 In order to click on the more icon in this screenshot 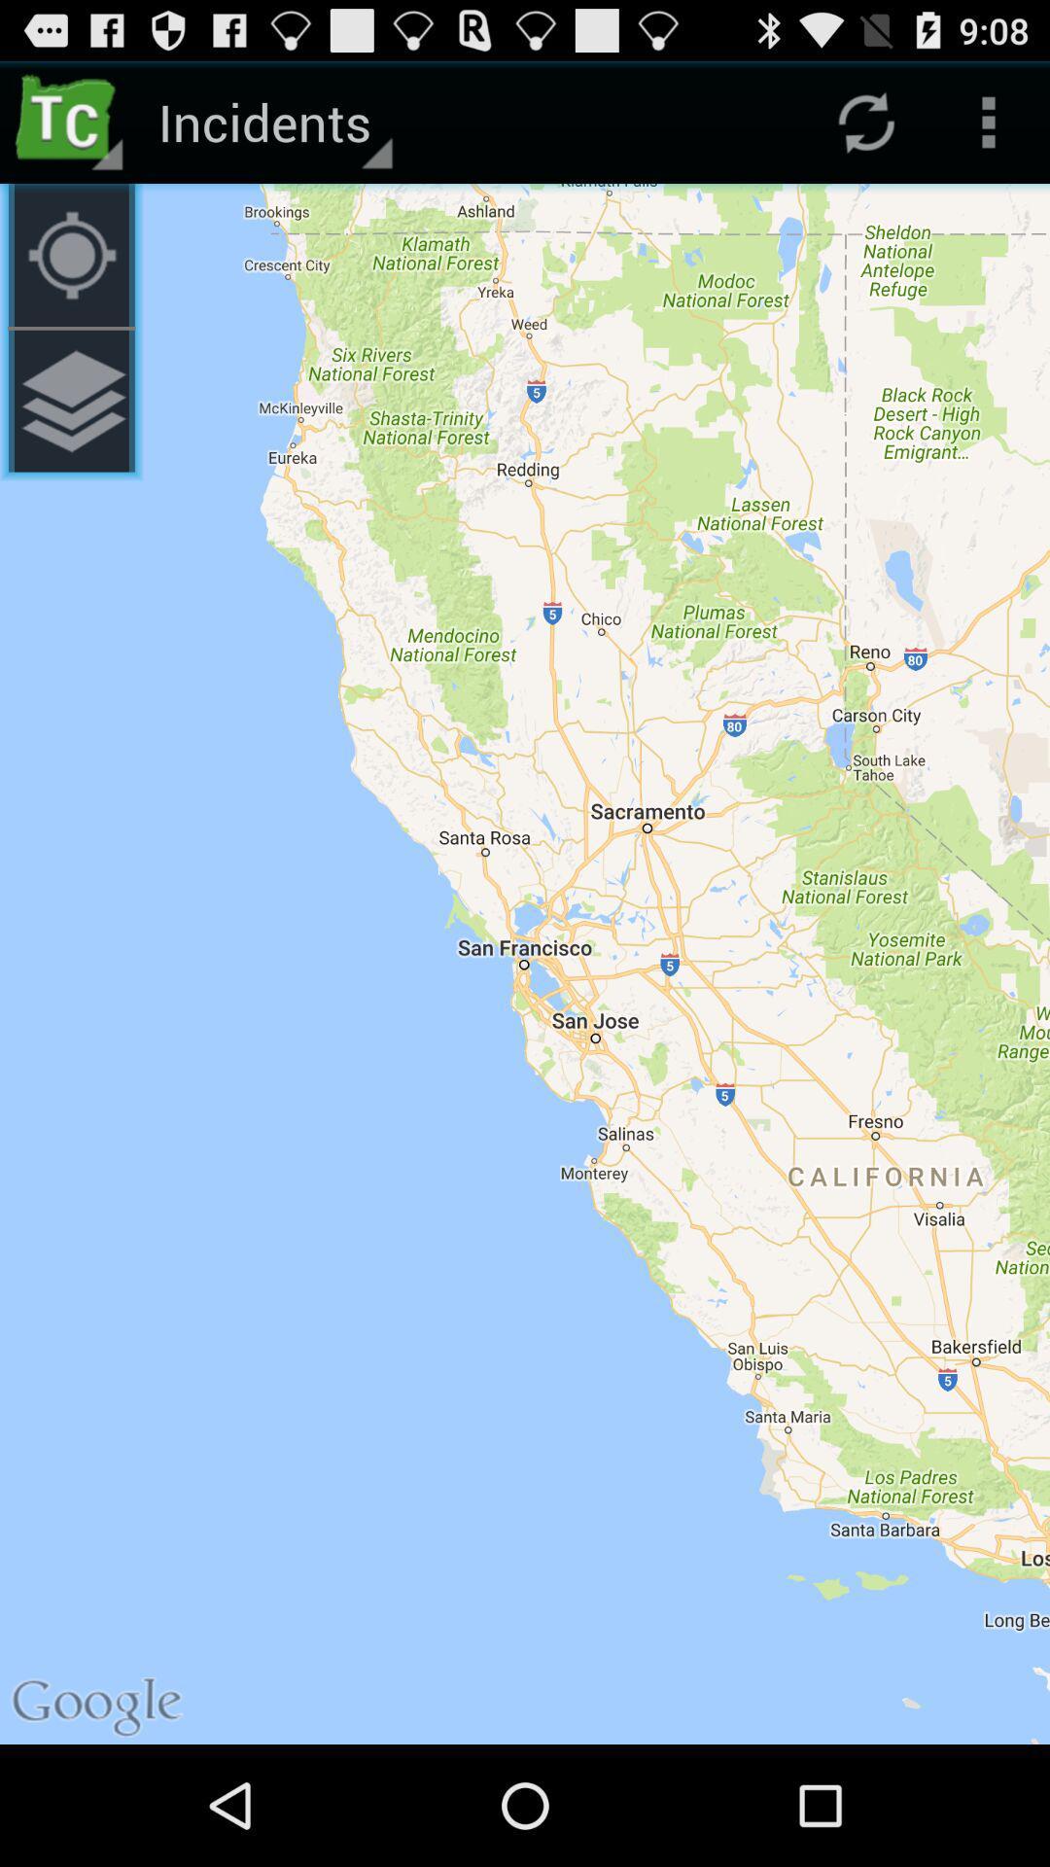, I will do `click(989, 129)`.